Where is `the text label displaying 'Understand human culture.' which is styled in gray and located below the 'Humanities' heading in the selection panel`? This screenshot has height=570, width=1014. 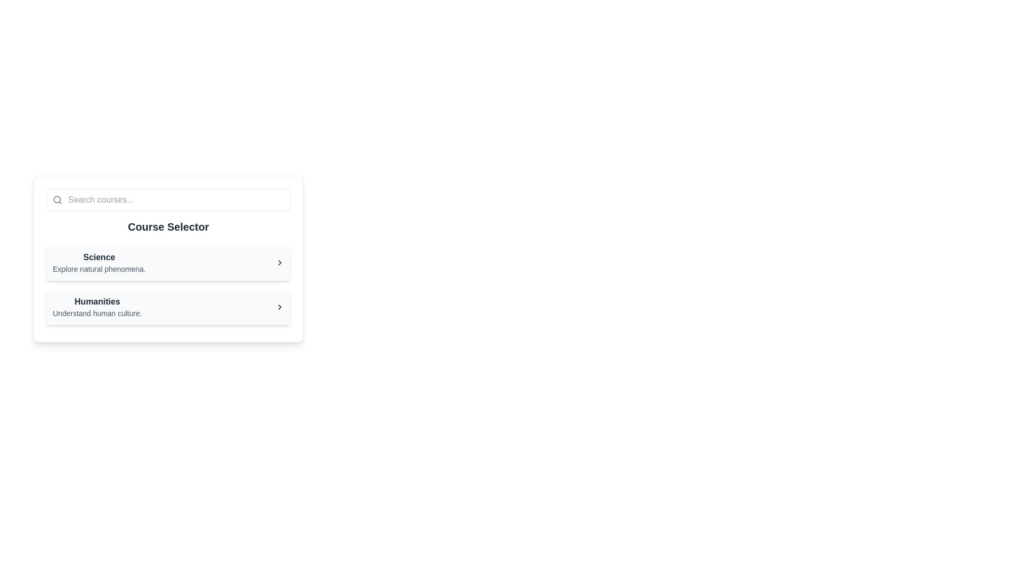
the text label displaying 'Understand human culture.' which is styled in gray and located below the 'Humanities' heading in the selection panel is located at coordinates (97, 313).